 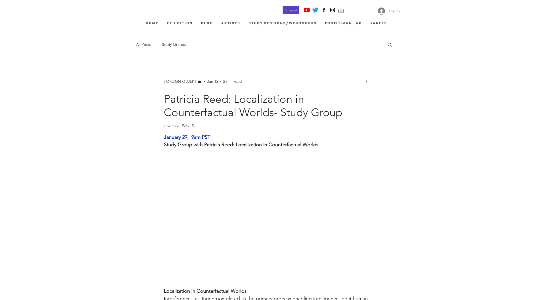 I want to click on Search, so click(x=389, y=45).